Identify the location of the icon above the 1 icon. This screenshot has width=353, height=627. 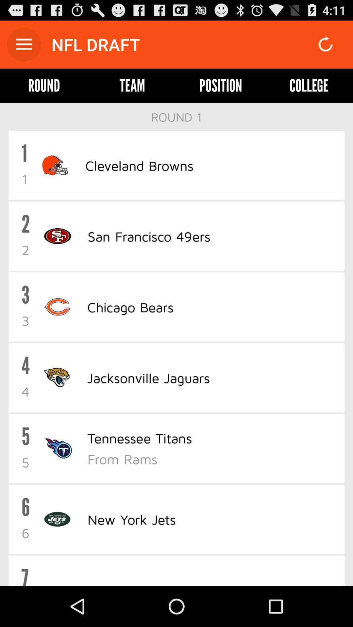
(176, 117).